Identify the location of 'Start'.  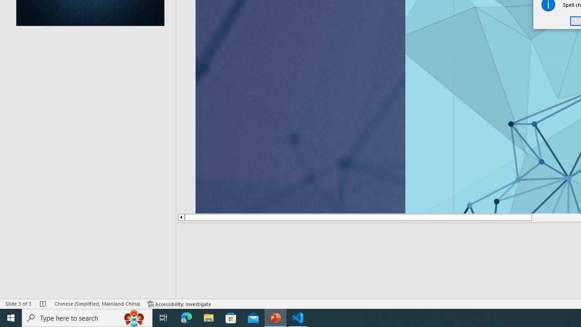
(11, 317).